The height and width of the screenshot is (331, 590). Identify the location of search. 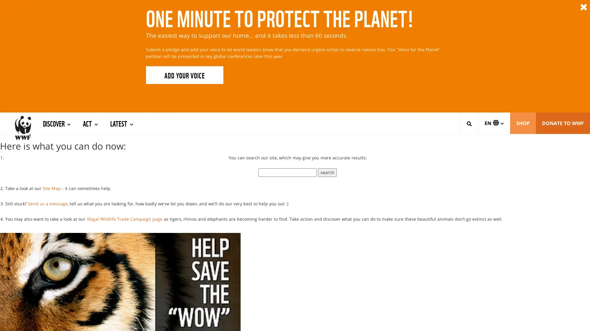
(327, 154).